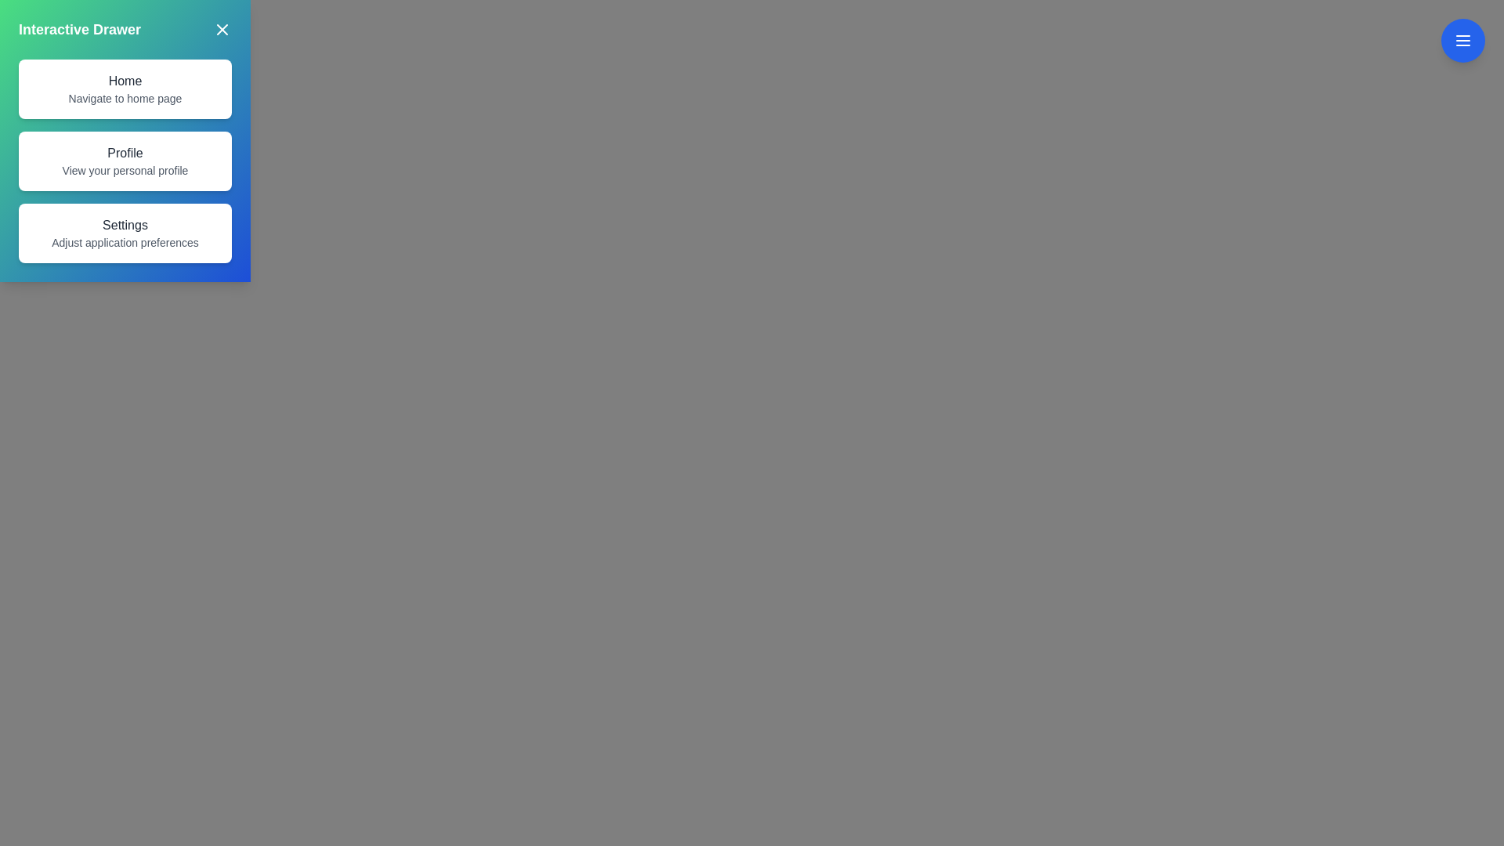 The image size is (1504, 846). What do you see at coordinates (221, 30) in the screenshot?
I see `the close button located at the top-right corner of the popup panel, which dismisses the panel` at bounding box center [221, 30].